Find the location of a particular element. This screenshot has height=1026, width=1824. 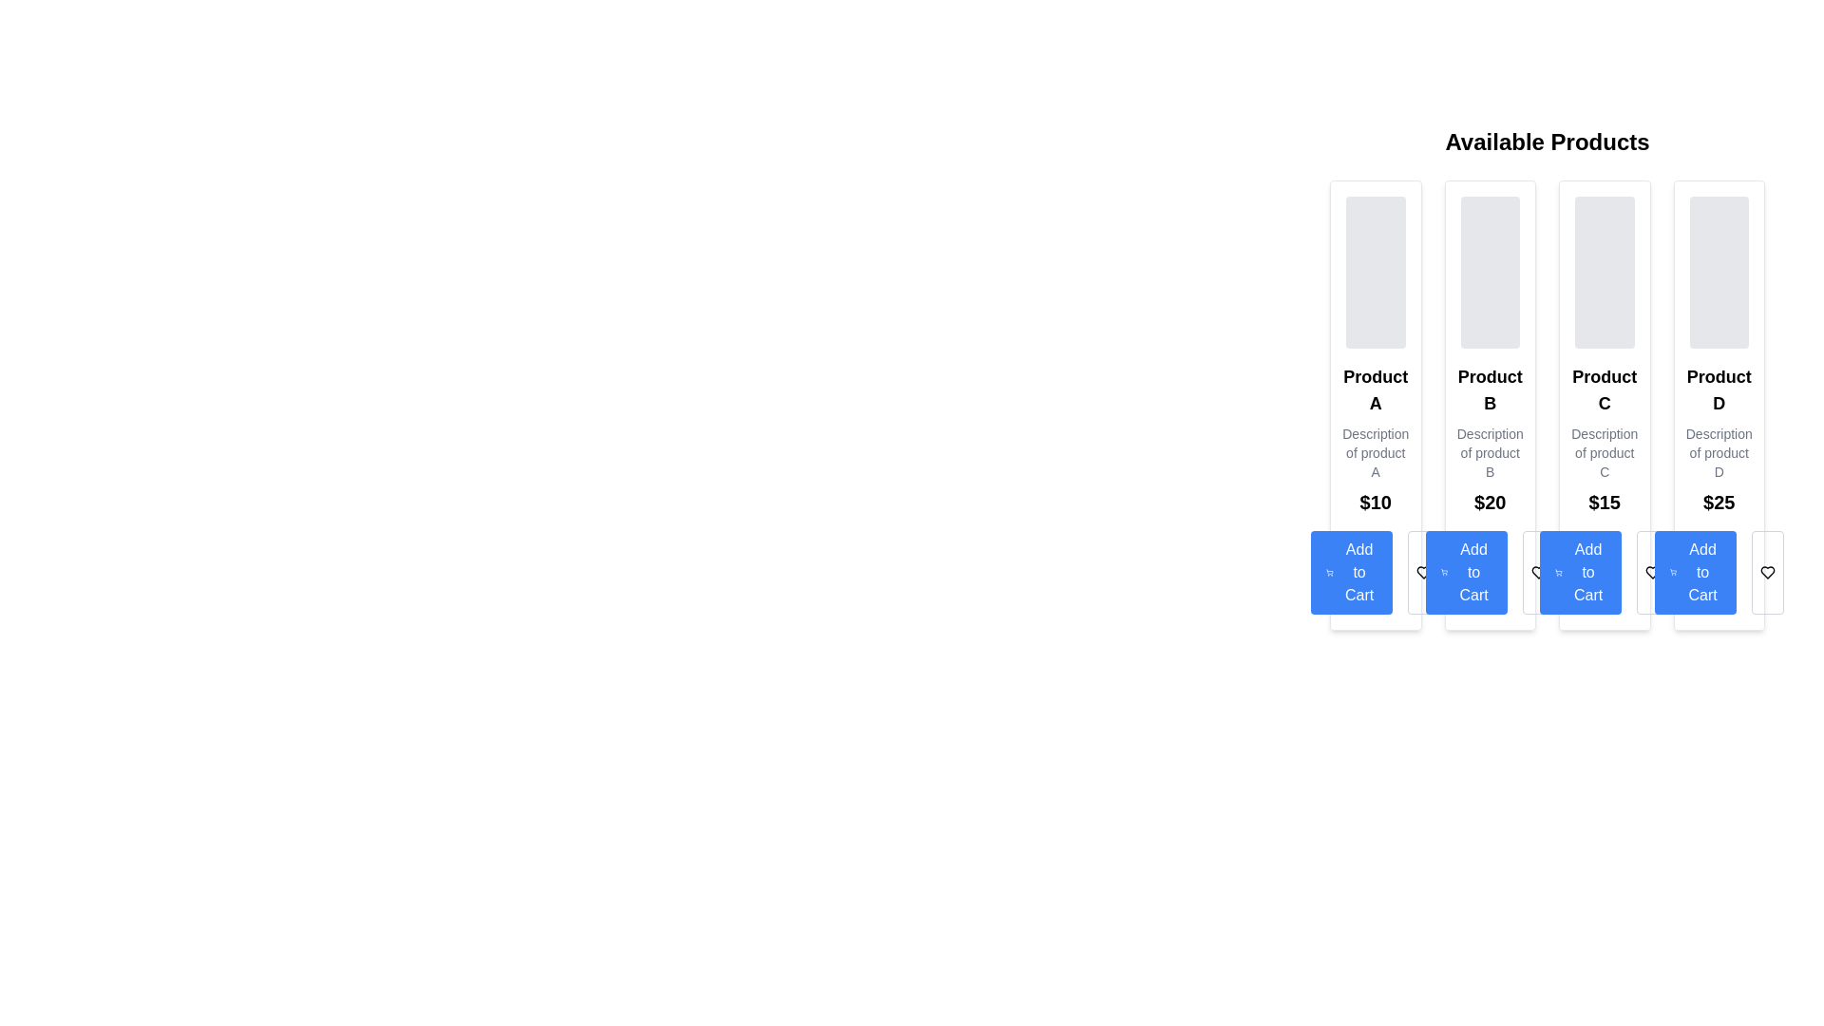

text block containing the phrase 'Description of product C', which is styled in a small gray font and located below the title 'Product C' and above the price '$15' within the card layout is located at coordinates (1604, 453).